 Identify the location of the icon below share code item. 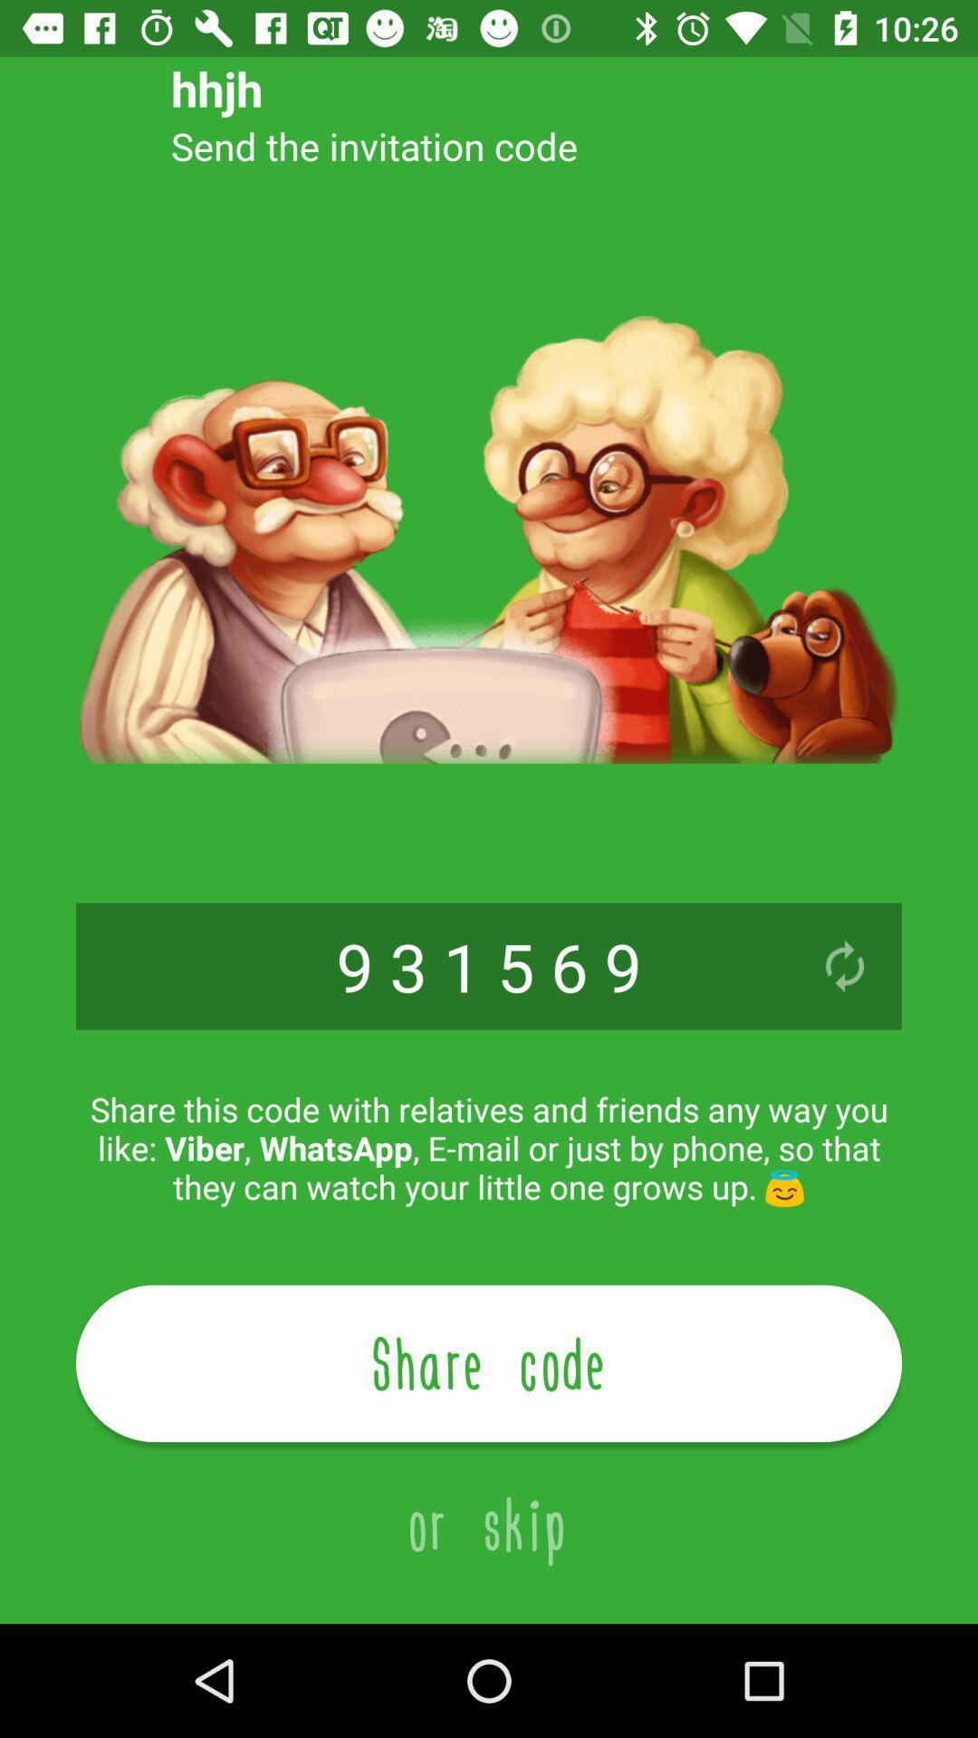
(489, 1504).